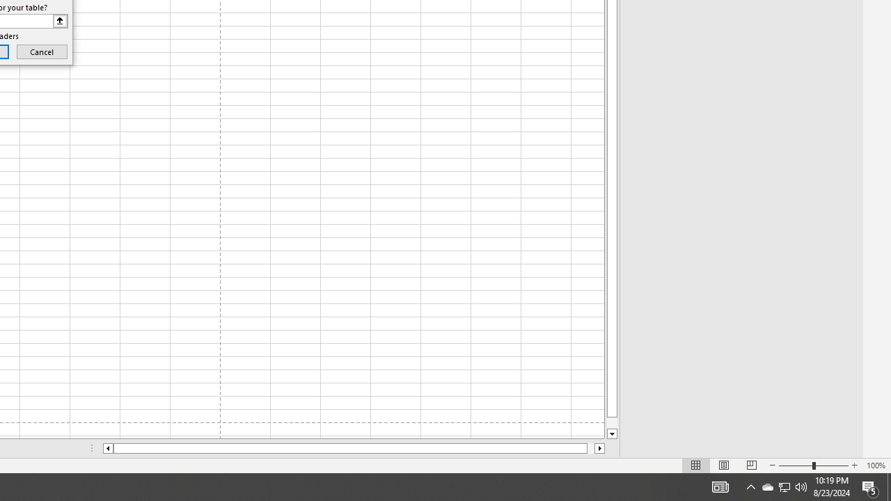  I want to click on 'Line down', so click(612, 434).